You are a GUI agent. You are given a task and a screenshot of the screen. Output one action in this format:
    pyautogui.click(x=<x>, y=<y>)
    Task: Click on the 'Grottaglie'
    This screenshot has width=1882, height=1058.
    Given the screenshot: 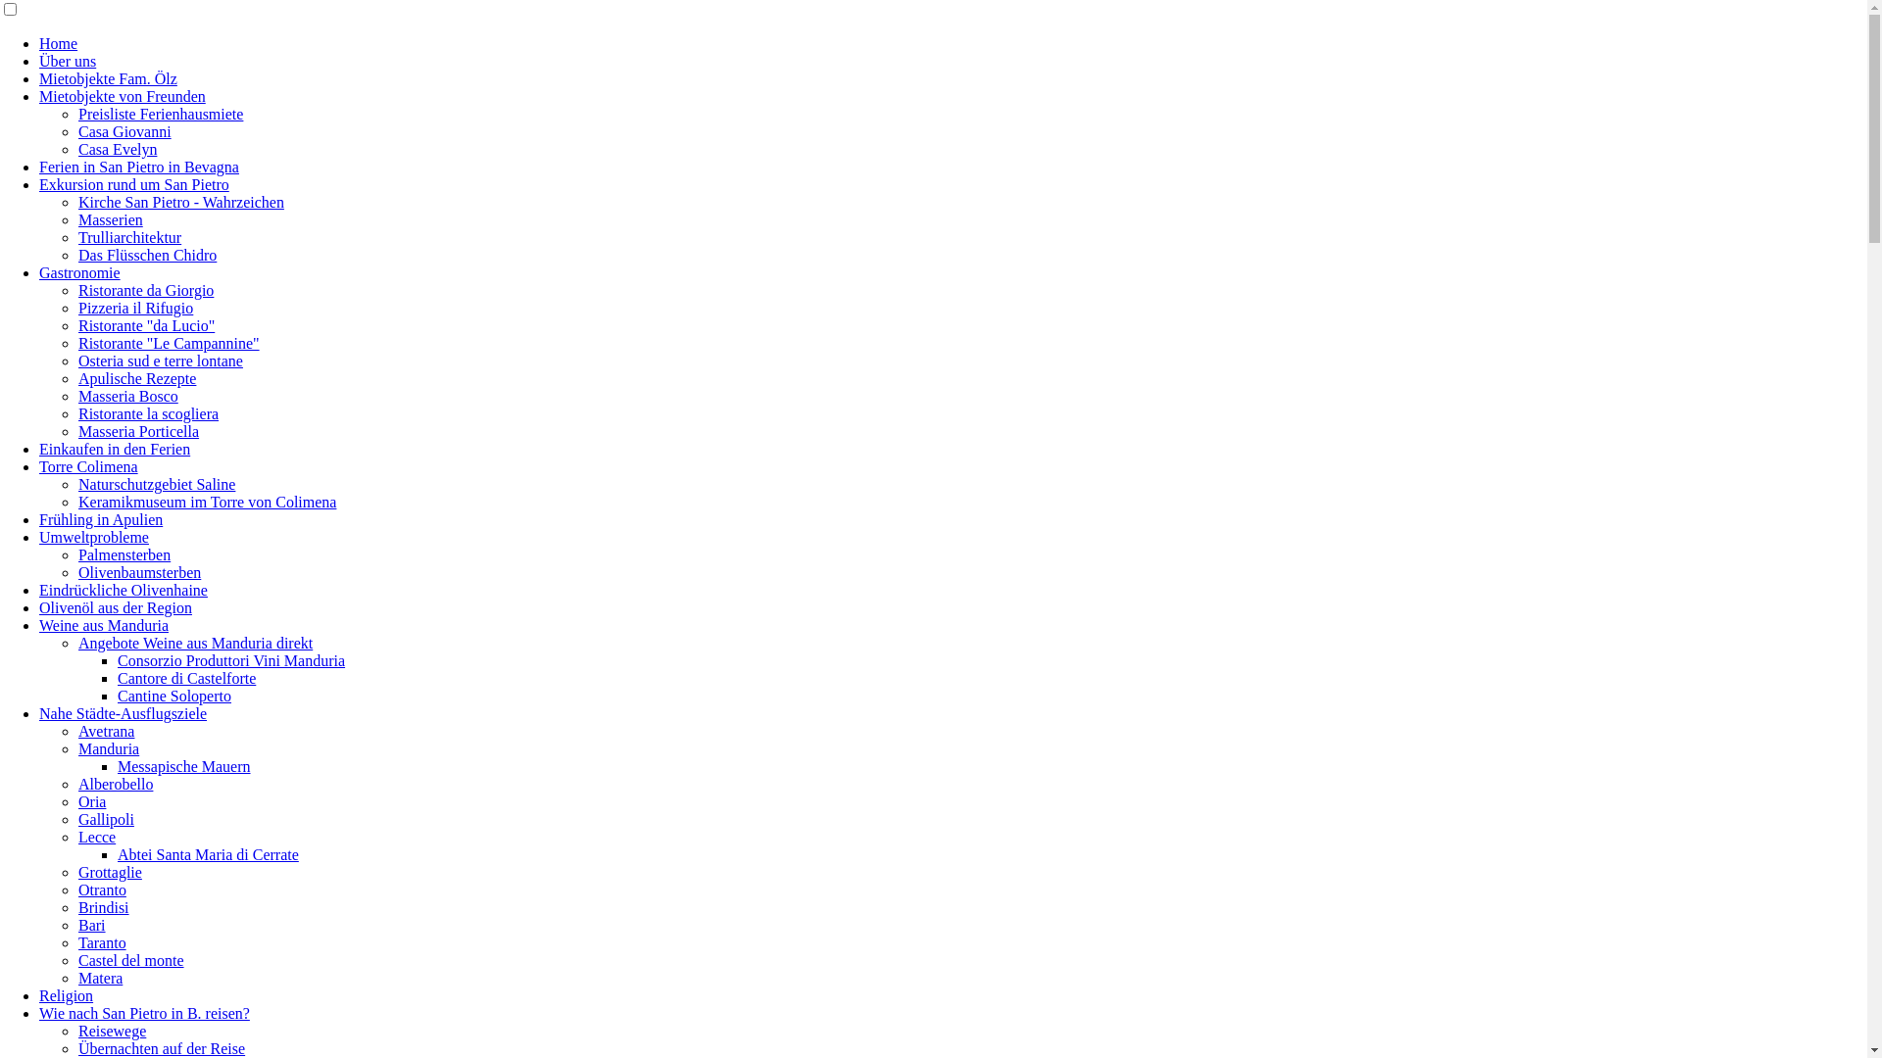 What is the action you would take?
    pyautogui.click(x=109, y=871)
    